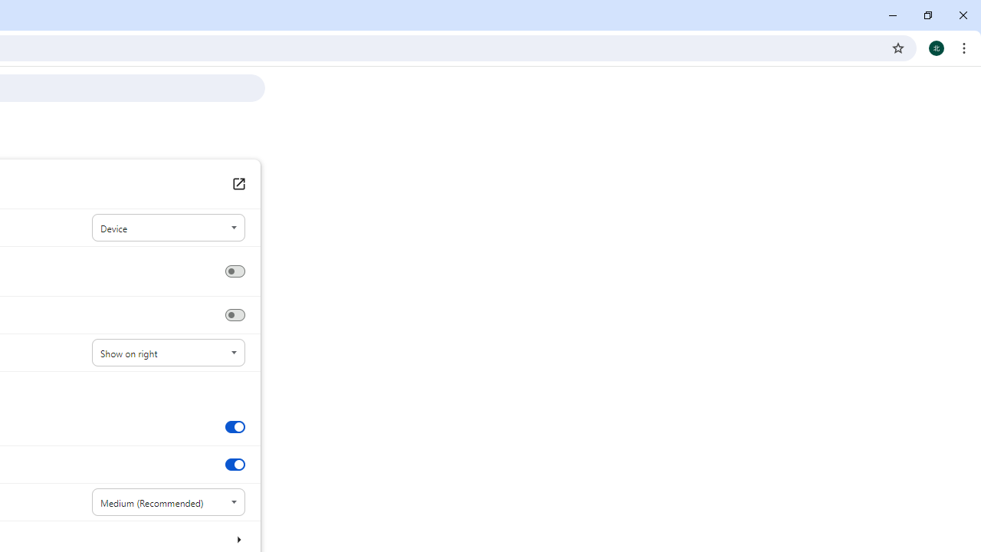 The width and height of the screenshot is (981, 552). I want to click on 'Show tab preview images', so click(234, 427).